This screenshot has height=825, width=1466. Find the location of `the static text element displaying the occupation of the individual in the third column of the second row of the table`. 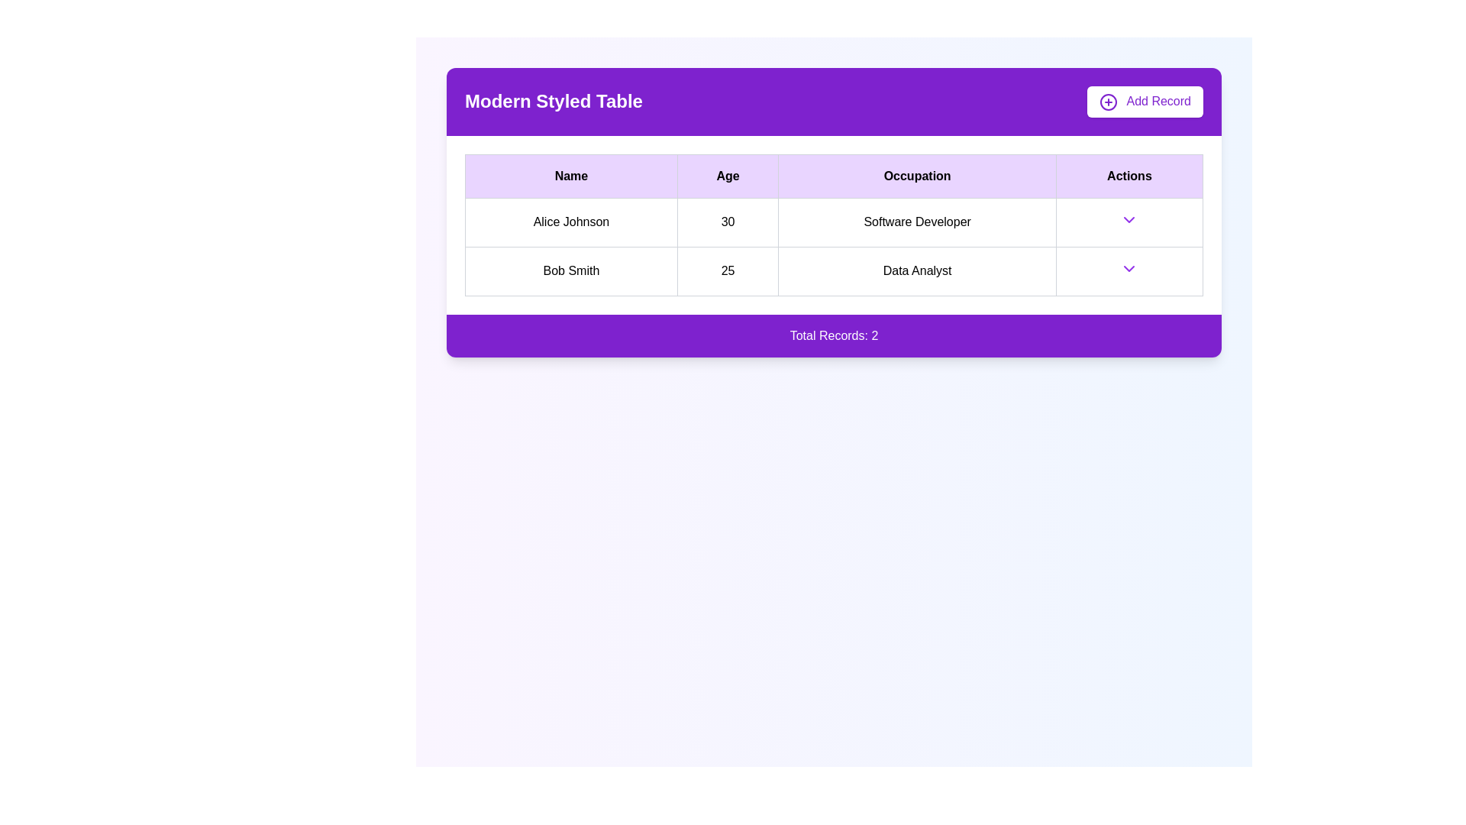

the static text element displaying the occupation of the individual in the third column of the second row of the table is located at coordinates (916, 270).